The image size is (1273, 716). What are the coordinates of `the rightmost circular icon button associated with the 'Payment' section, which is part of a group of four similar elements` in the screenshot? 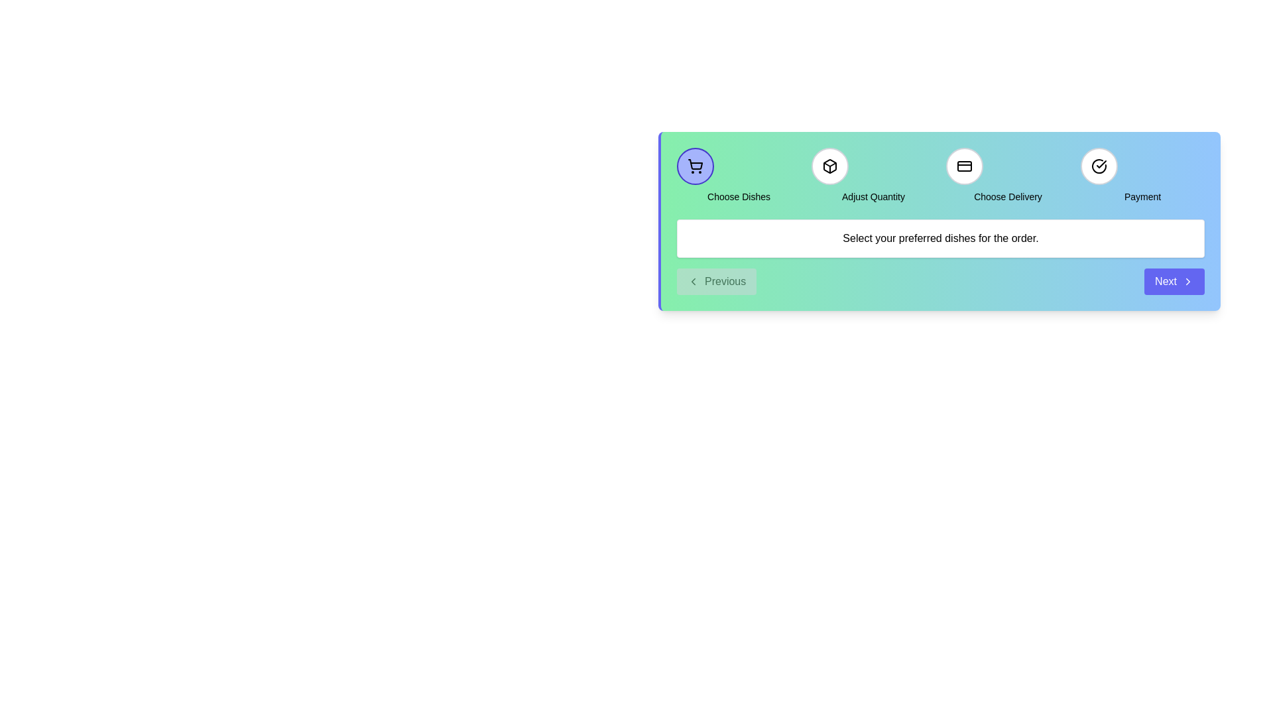 It's located at (1099, 165).